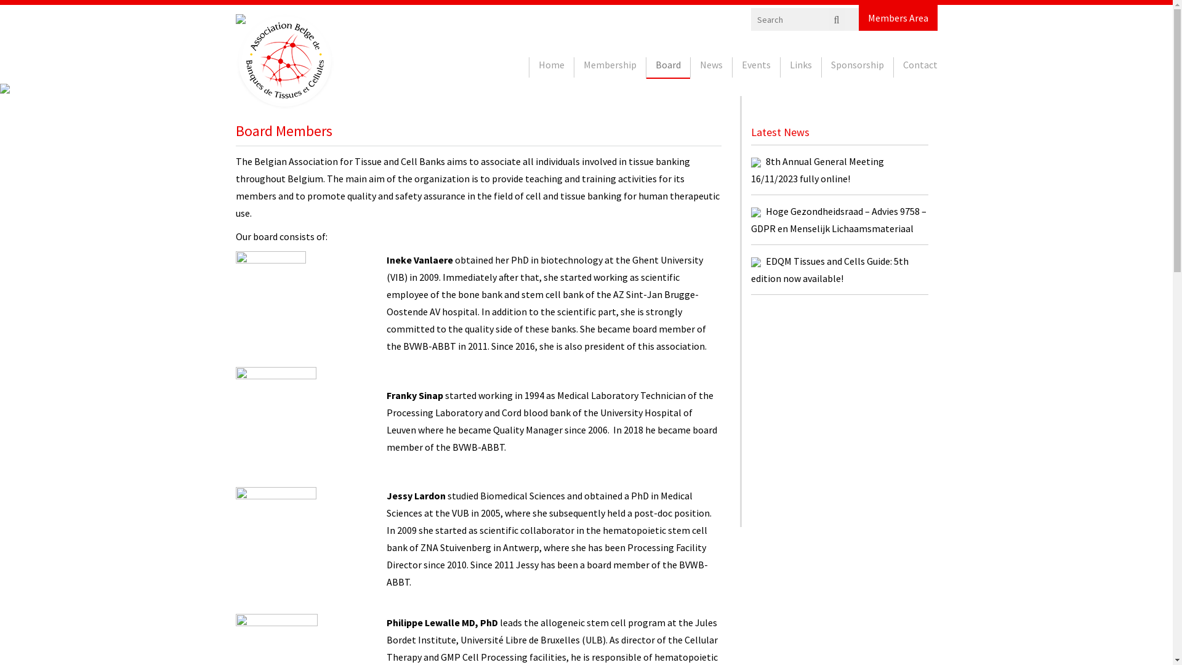  What do you see at coordinates (809, 19) in the screenshot?
I see `'Search for:'` at bounding box center [809, 19].